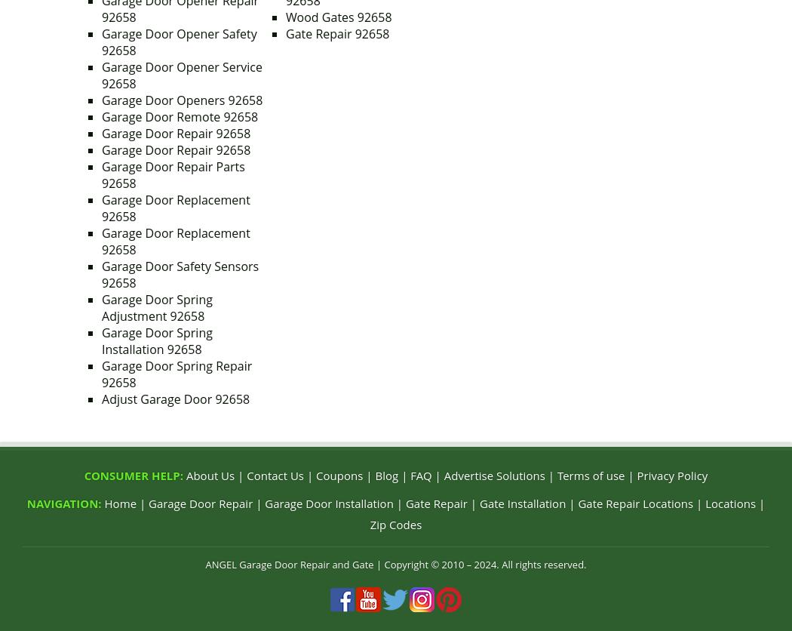 The height and width of the screenshot is (631, 792). What do you see at coordinates (339, 476) in the screenshot?
I see `'Coupons'` at bounding box center [339, 476].